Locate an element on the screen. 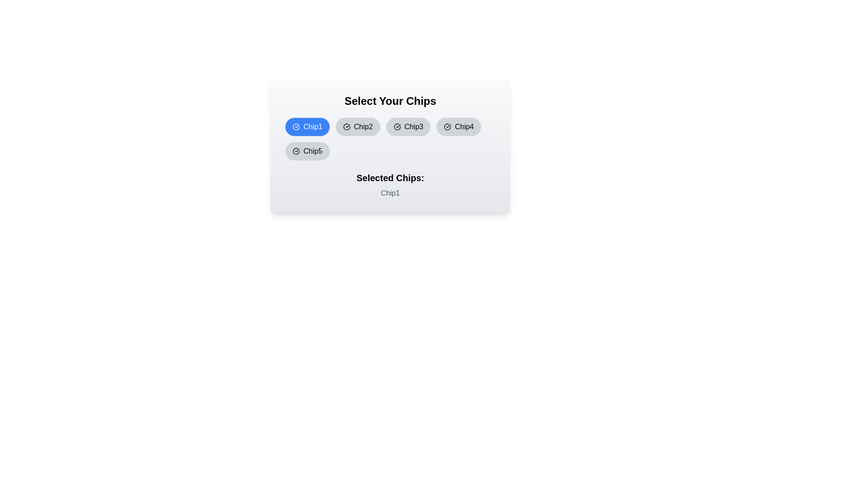 The width and height of the screenshot is (867, 488). the chip labeled Chip1 is located at coordinates (307, 127).